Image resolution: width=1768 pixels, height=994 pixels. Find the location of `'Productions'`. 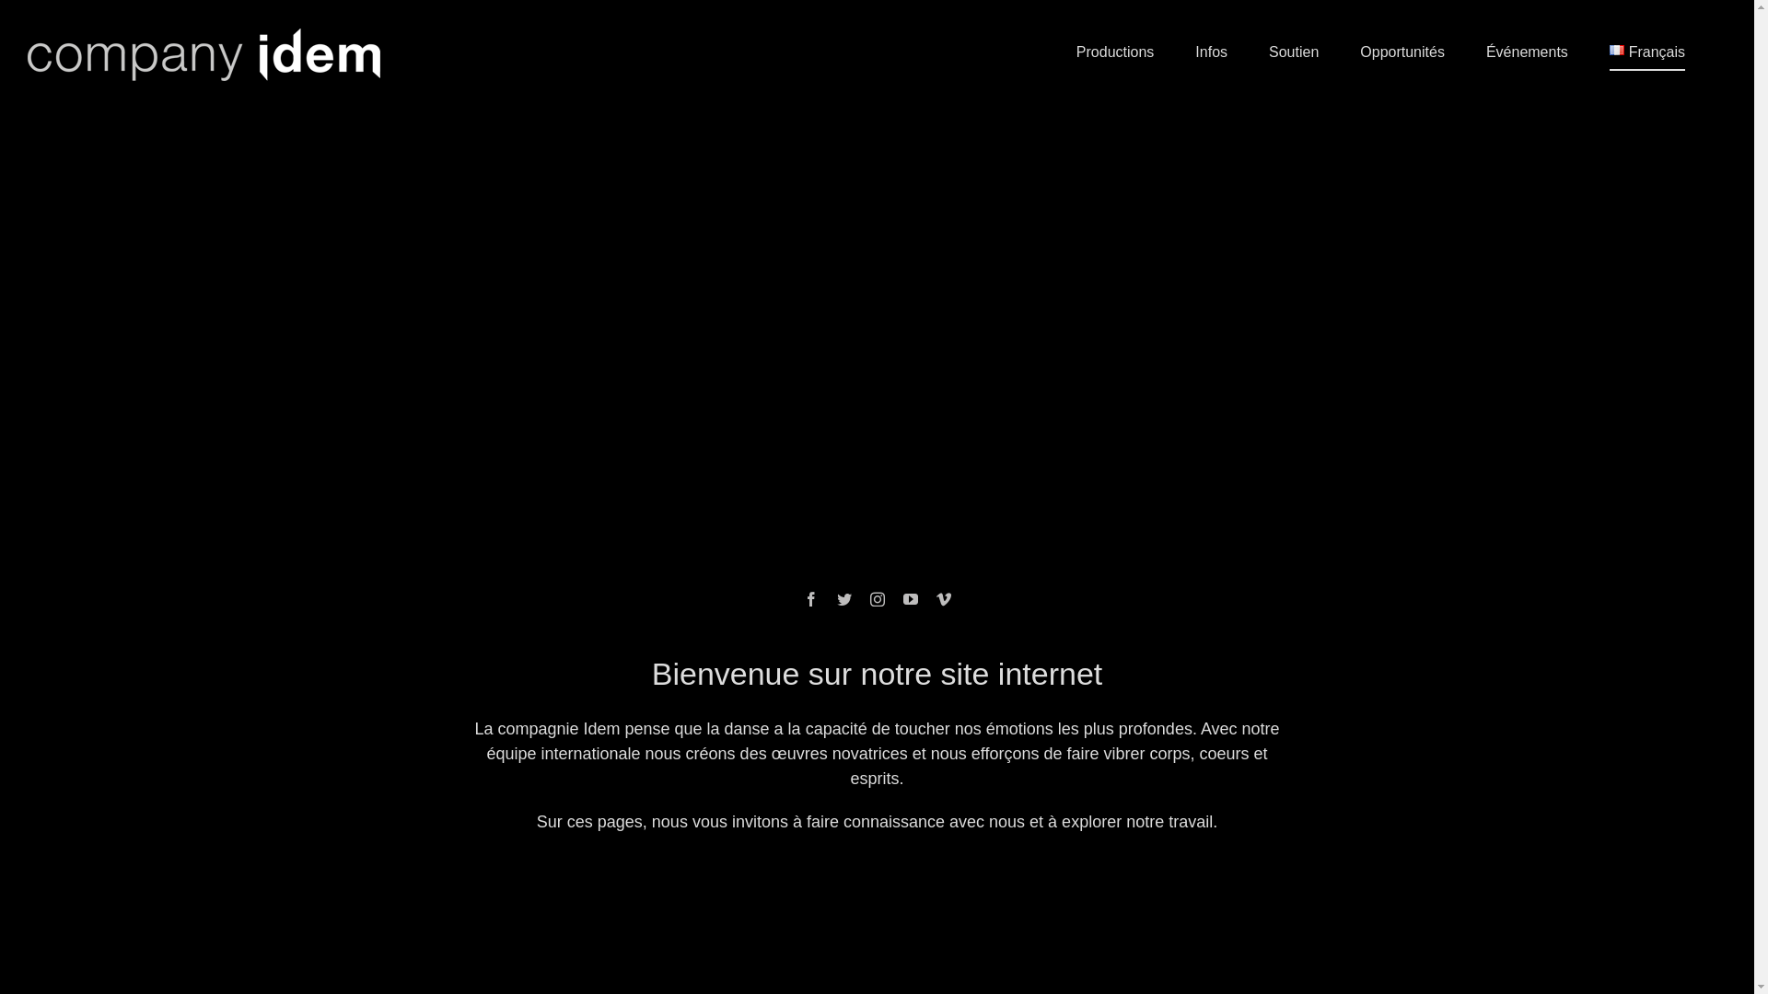

'Productions' is located at coordinates (1076, 51).